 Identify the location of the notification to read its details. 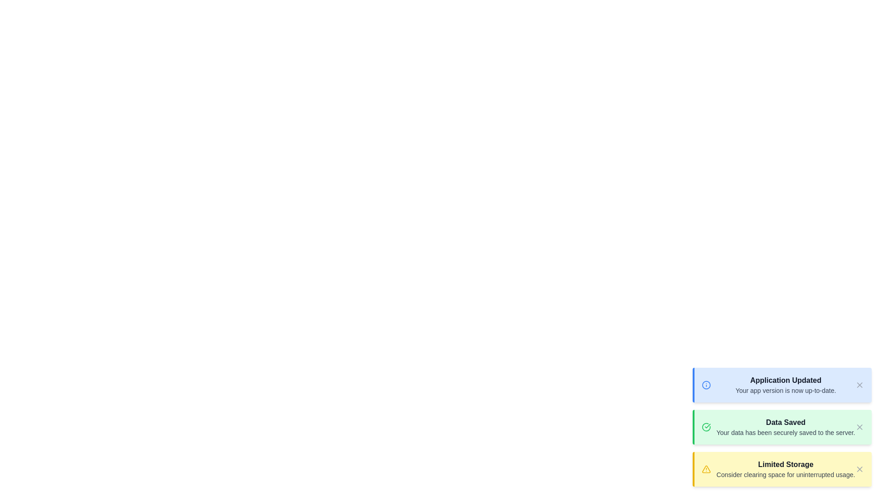
(781, 385).